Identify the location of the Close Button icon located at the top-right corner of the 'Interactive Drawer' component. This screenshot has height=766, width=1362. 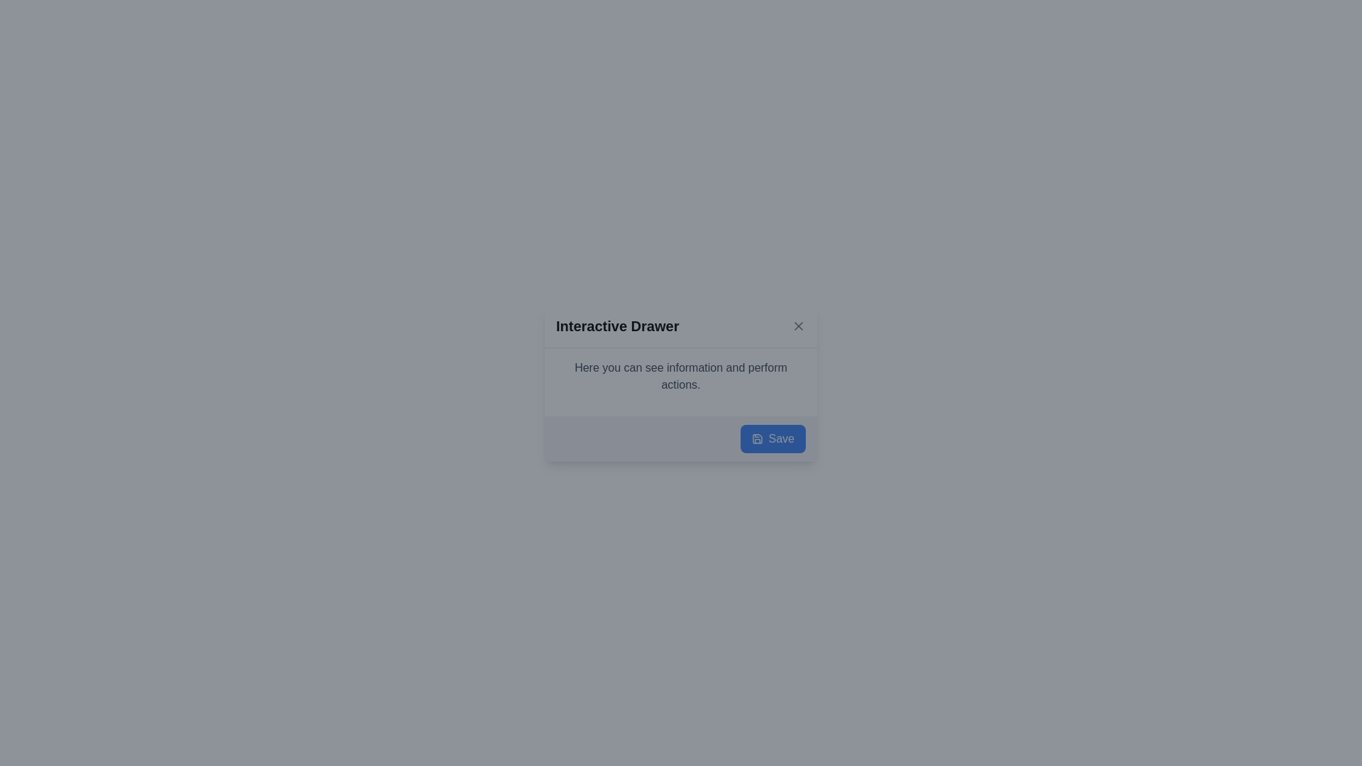
(799, 326).